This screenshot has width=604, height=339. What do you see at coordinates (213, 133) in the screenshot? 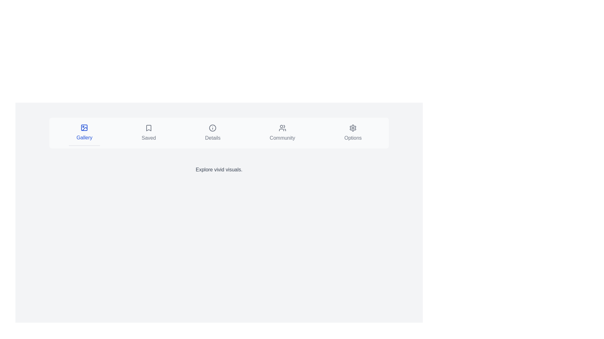
I see `the tab labeled 'Details' to navigate to its content` at bounding box center [213, 133].